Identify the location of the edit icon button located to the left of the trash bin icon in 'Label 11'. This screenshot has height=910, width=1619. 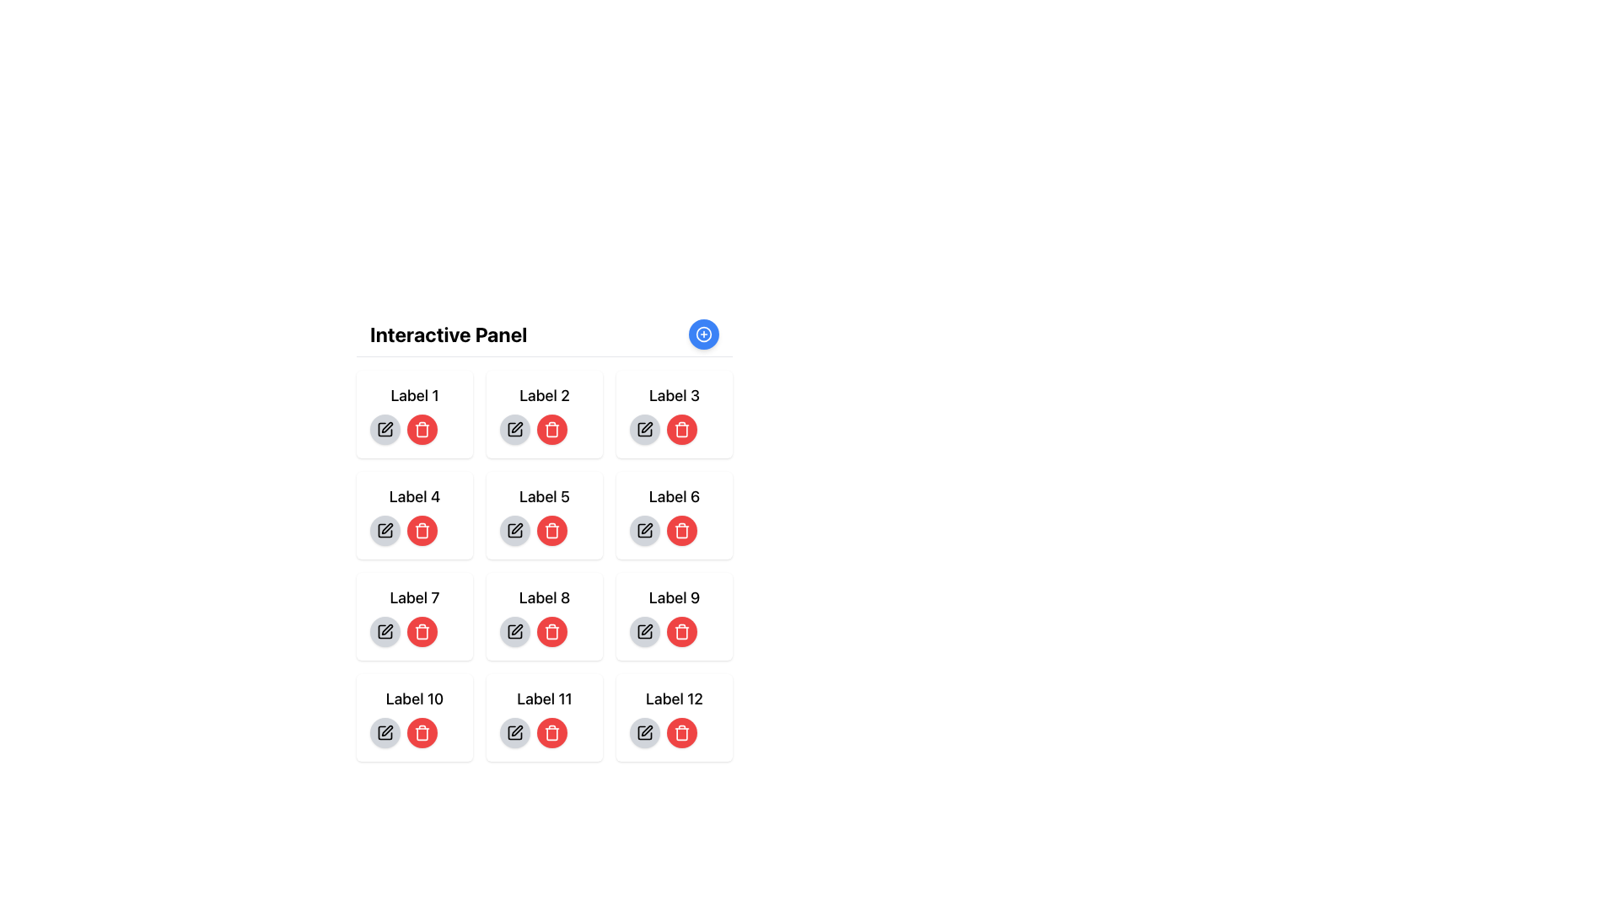
(514, 732).